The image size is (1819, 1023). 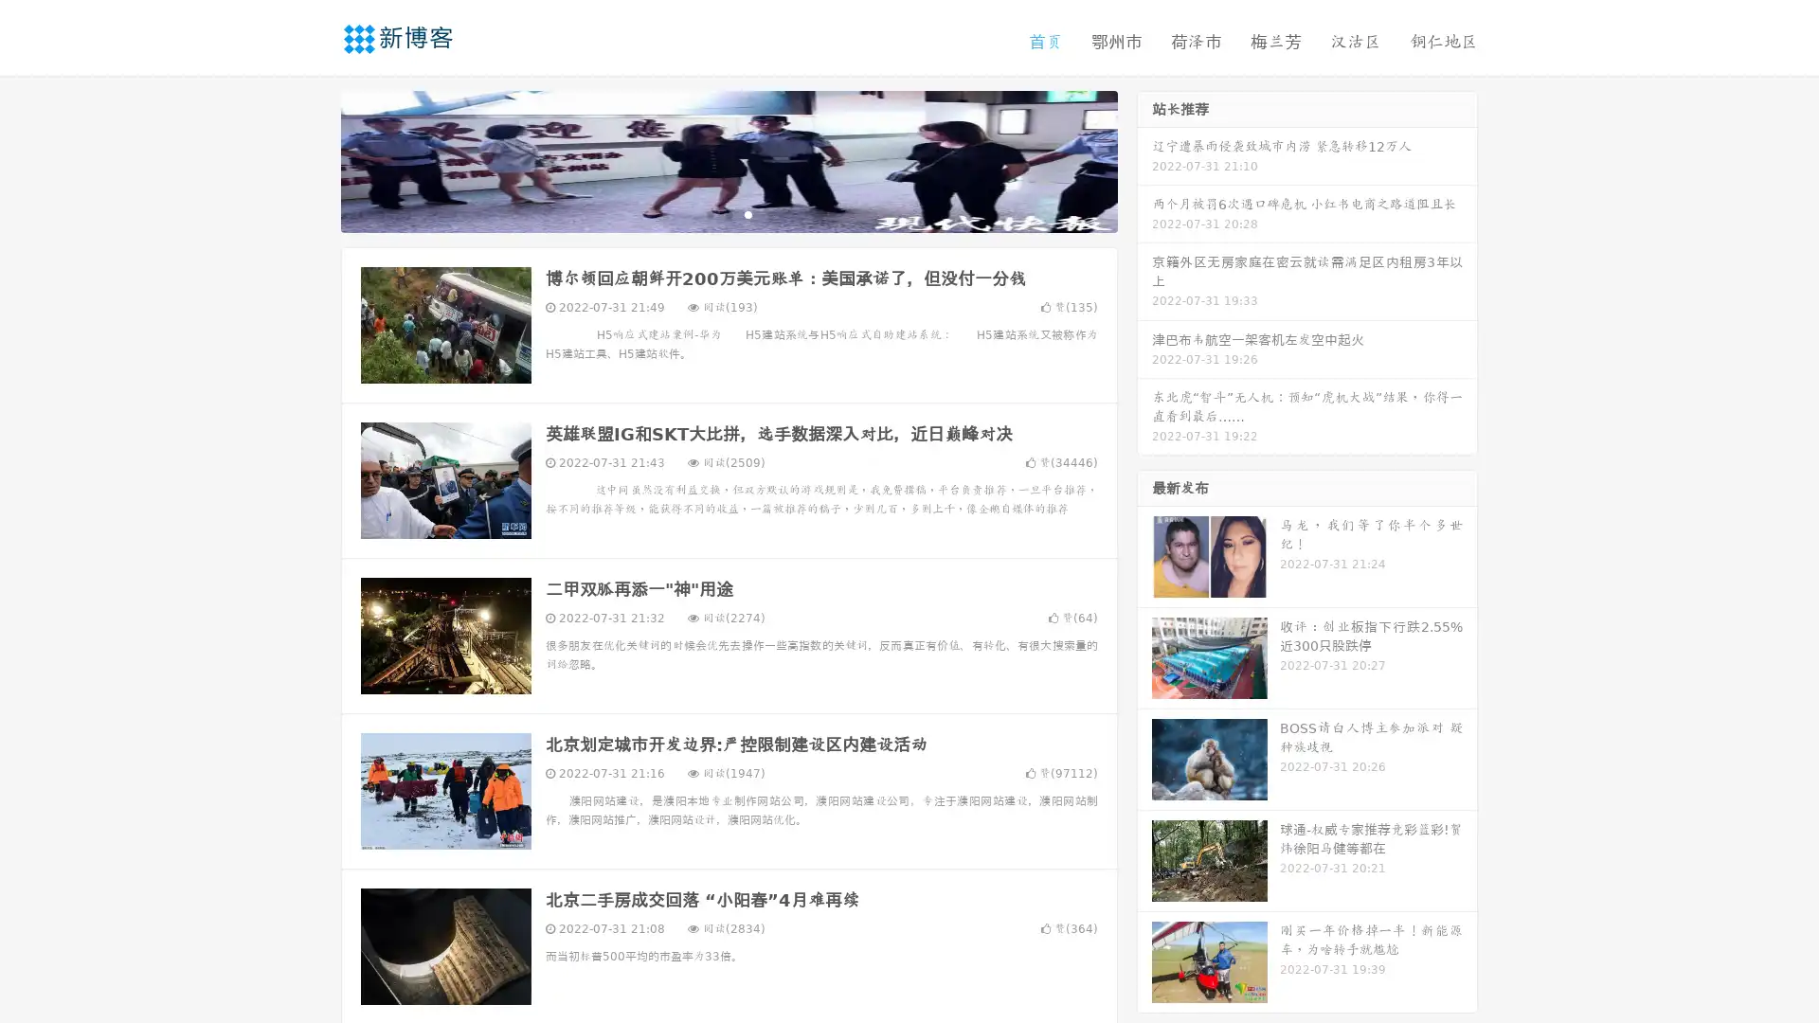 I want to click on Go to slide 3, so click(x=747, y=213).